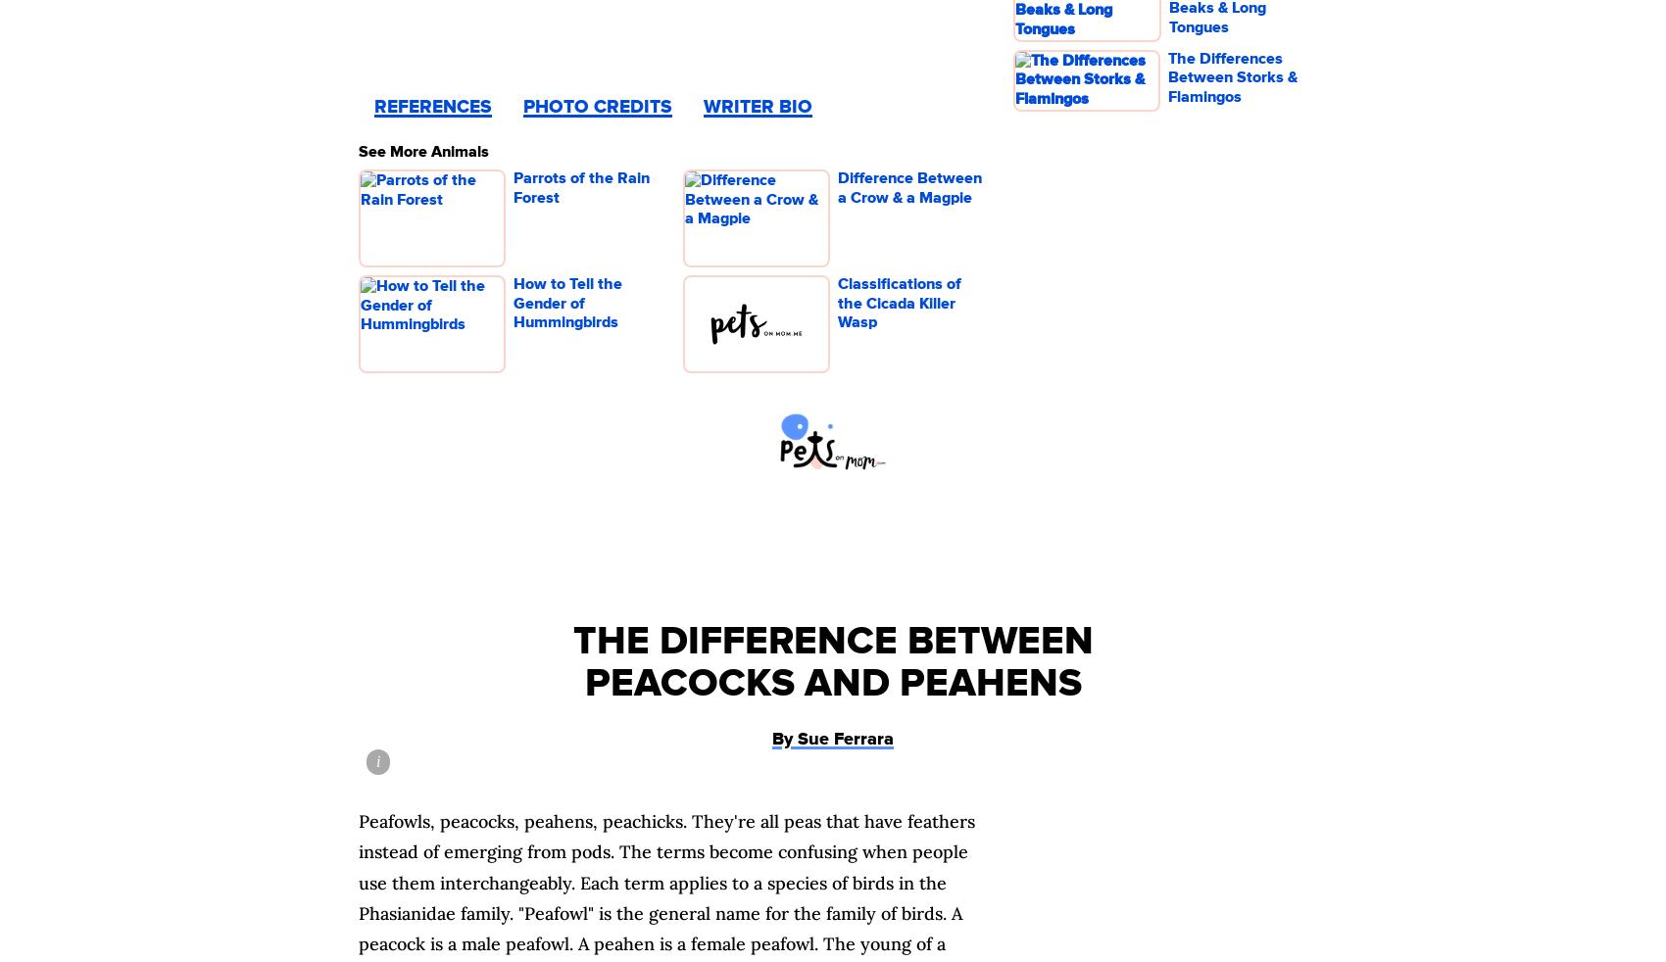 The width and height of the screenshot is (1666, 962). What do you see at coordinates (423, 150) in the screenshot?
I see `'See More Animals'` at bounding box center [423, 150].